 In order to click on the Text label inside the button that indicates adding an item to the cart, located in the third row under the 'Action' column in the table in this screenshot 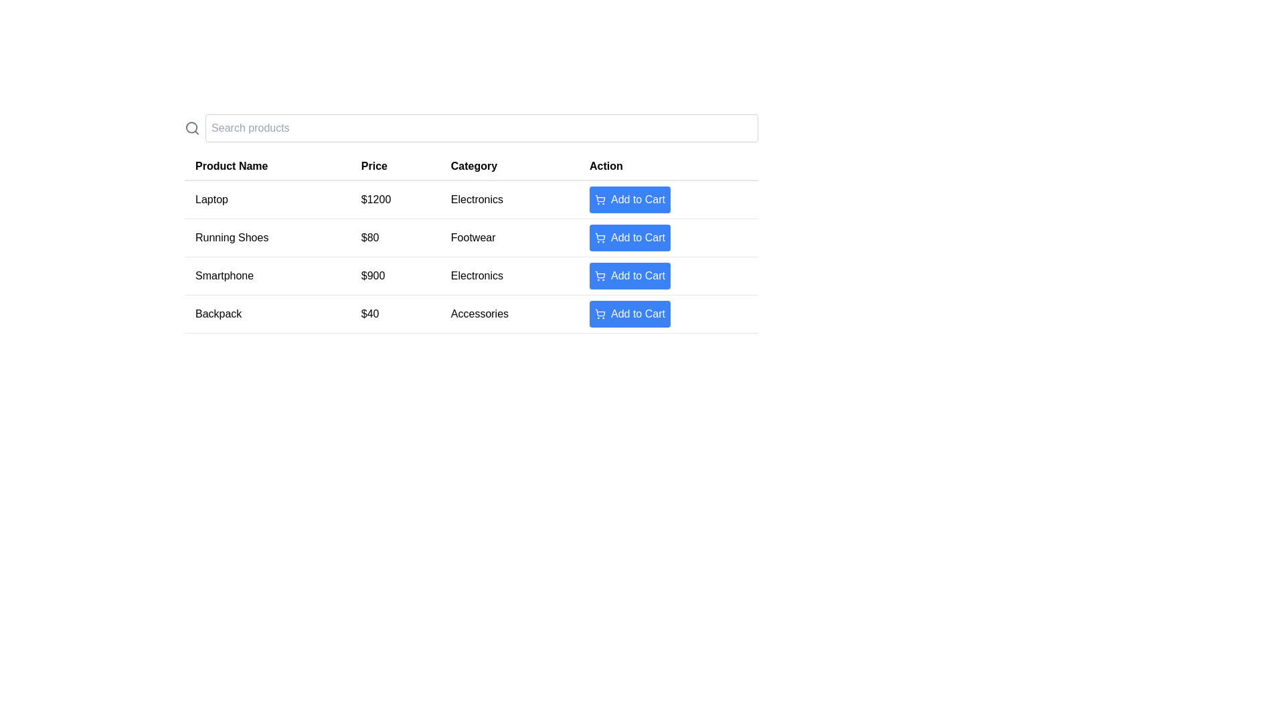, I will do `click(637, 275)`.